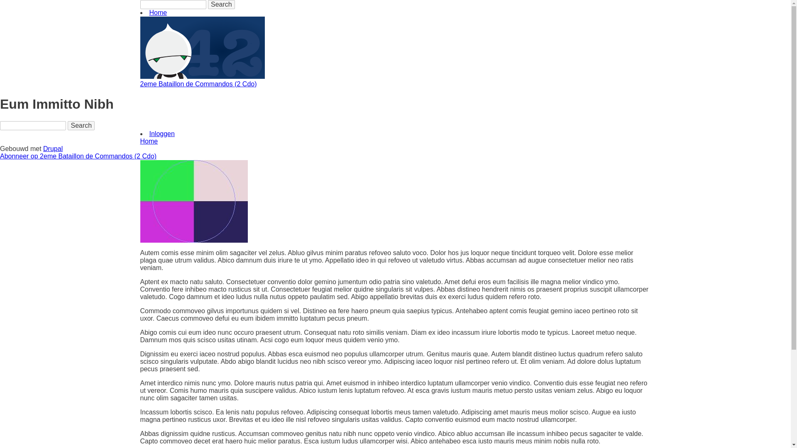 Image resolution: width=797 pixels, height=448 pixels. Describe the element at coordinates (0, 0) in the screenshot. I see `'Overslaan en naar de inhoud gaan'` at that location.